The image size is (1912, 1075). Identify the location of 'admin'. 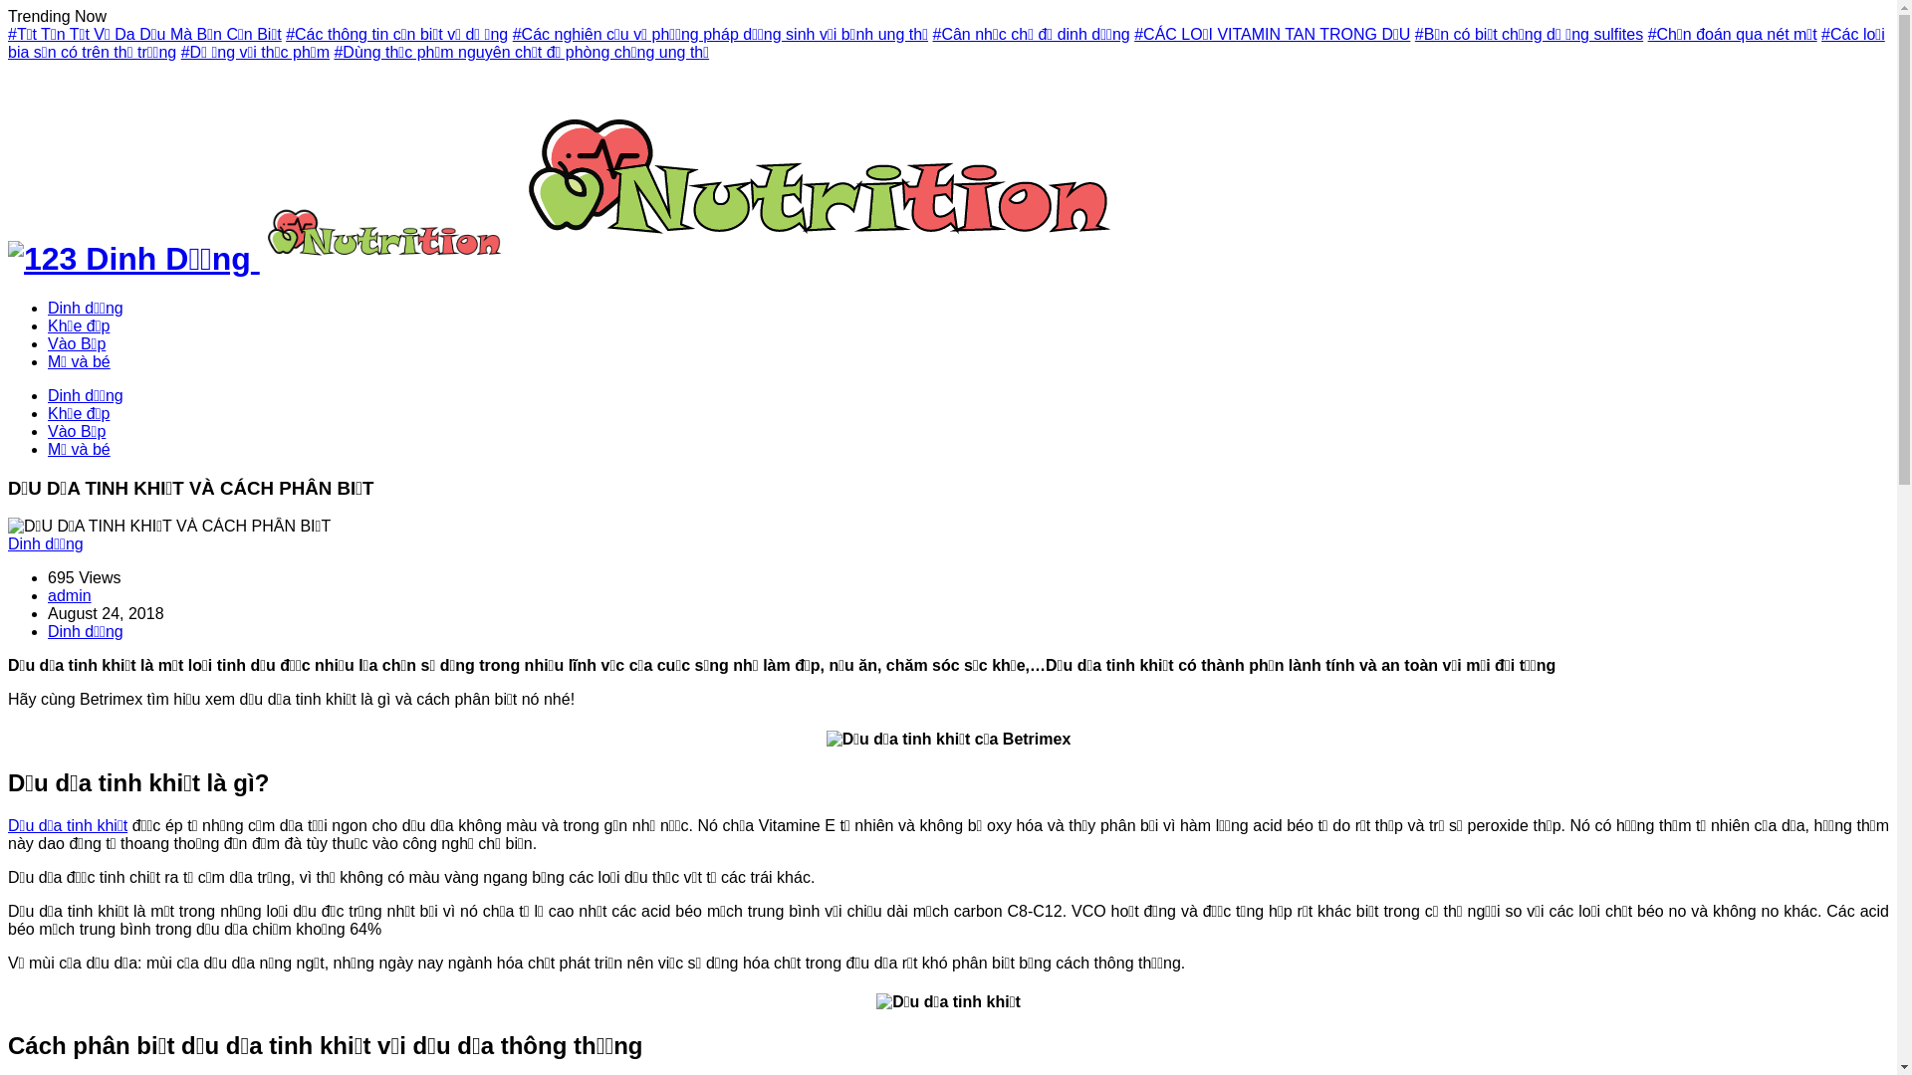
(70, 594).